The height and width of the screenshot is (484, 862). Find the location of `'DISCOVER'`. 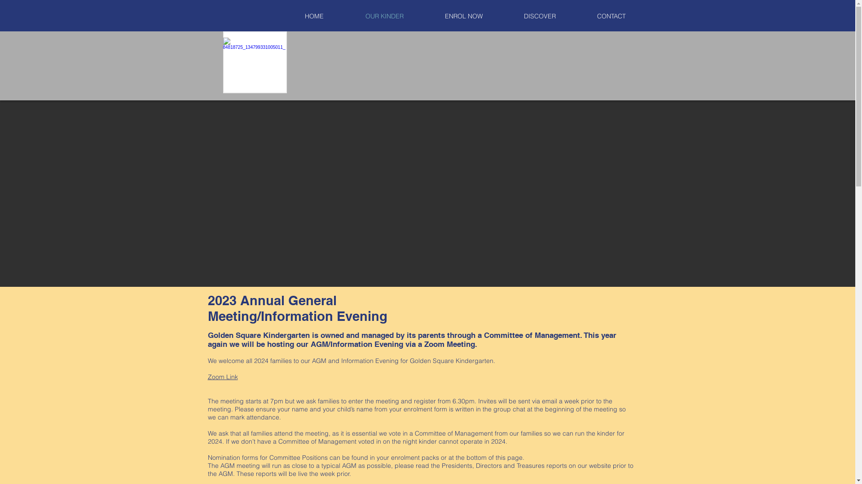

'DISCOVER' is located at coordinates (539, 16).